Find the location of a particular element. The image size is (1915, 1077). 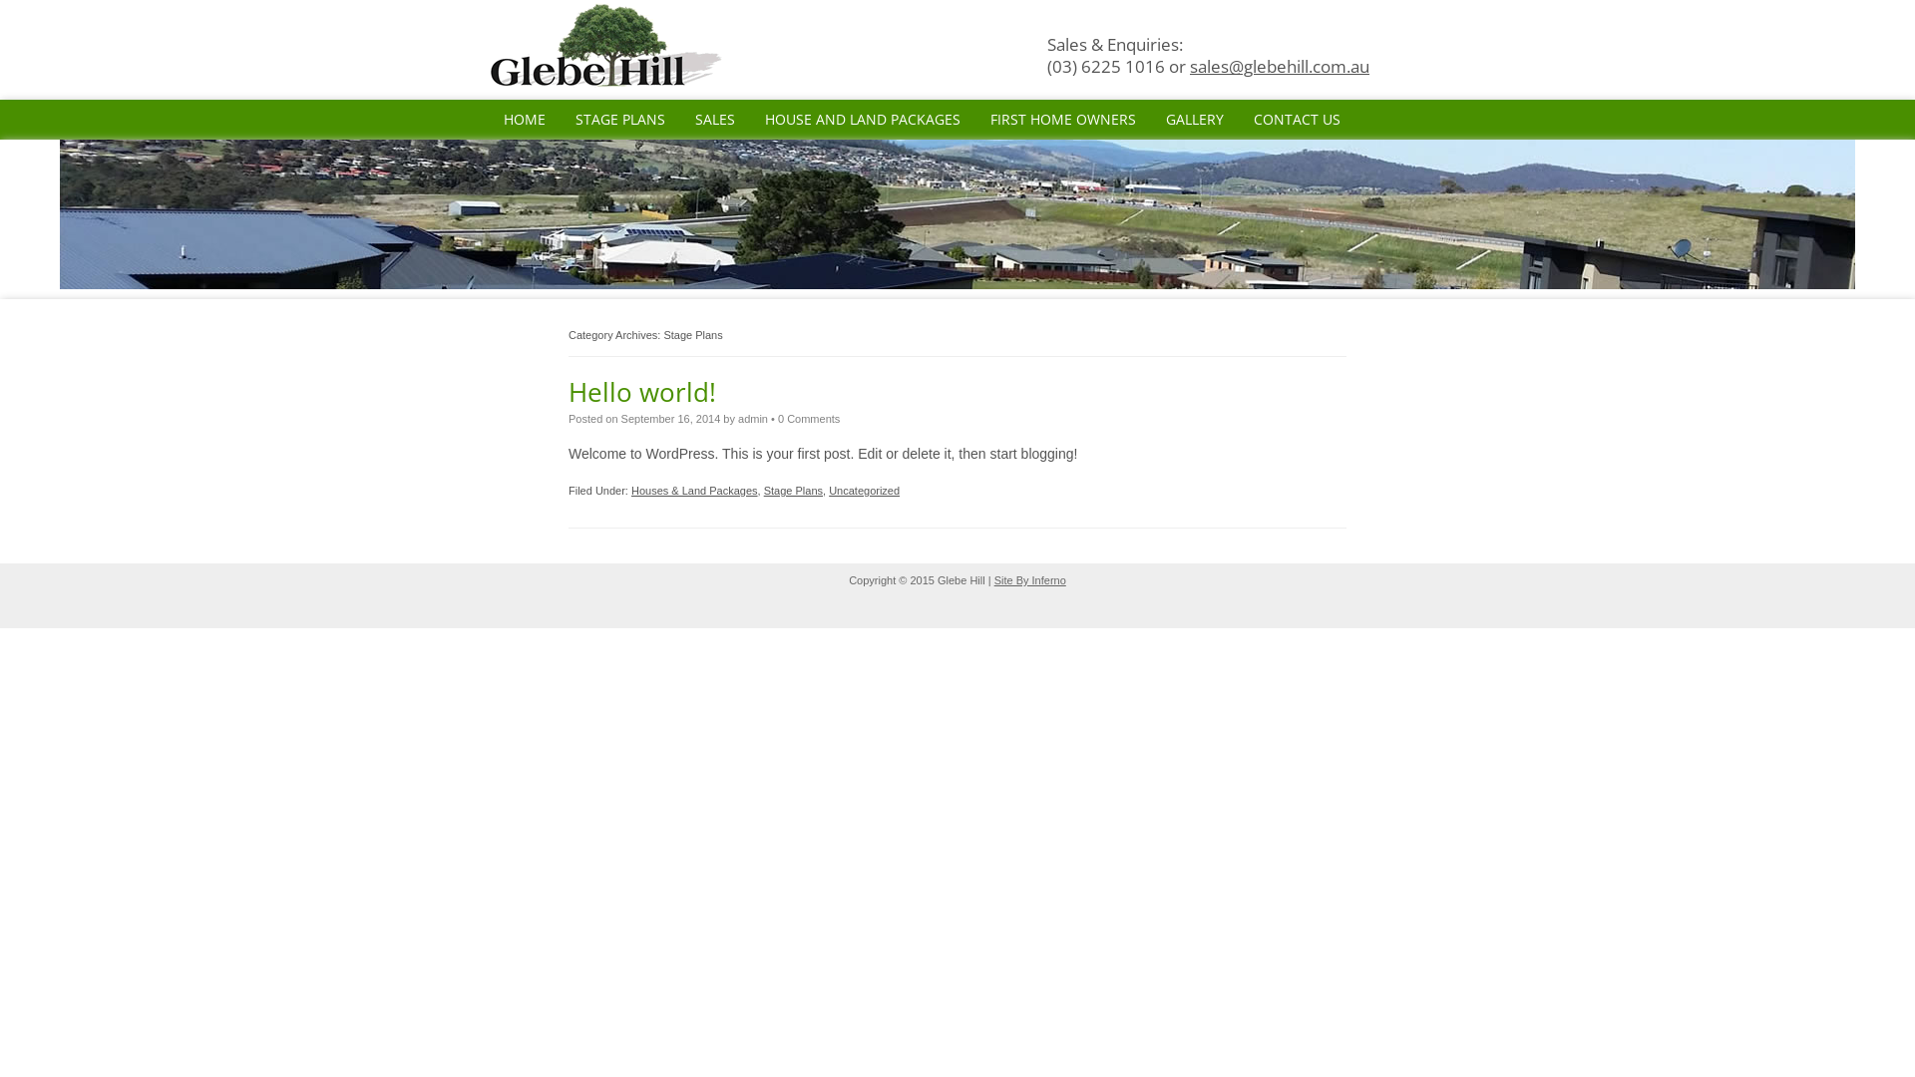

'Hello world!' is located at coordinates (641, 392).